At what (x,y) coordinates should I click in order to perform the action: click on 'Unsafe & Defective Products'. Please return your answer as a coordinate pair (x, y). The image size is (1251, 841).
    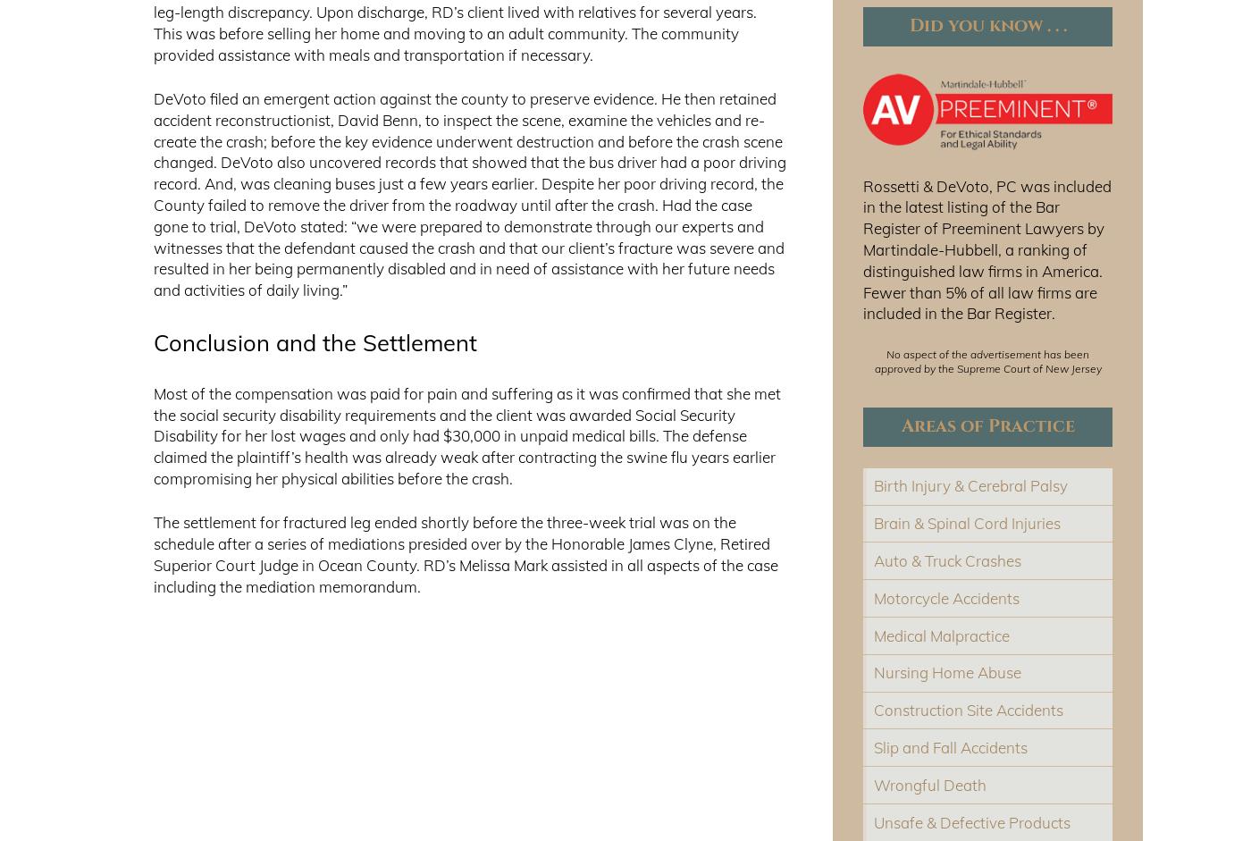
    Looking at the image, I should click on (874, 820).